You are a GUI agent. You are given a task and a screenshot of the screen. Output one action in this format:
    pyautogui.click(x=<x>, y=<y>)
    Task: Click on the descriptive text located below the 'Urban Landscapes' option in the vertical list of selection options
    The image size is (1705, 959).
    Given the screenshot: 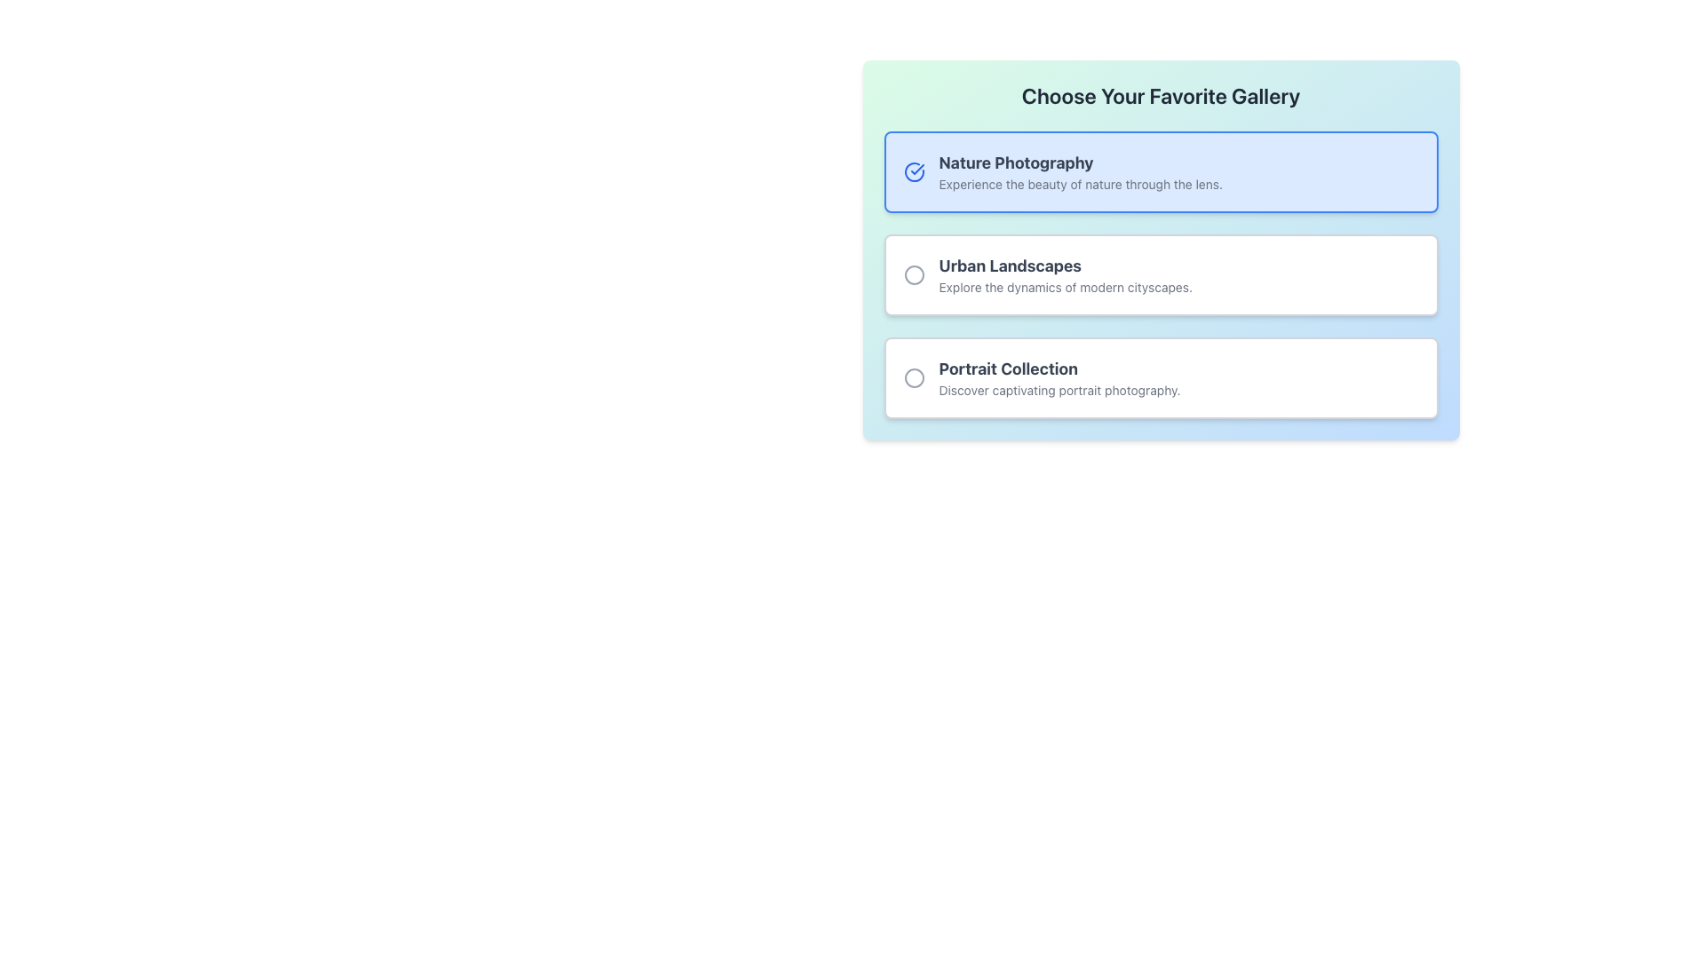 What is the action you would take?
    pyautogui.click(x=1066, y=287)
    